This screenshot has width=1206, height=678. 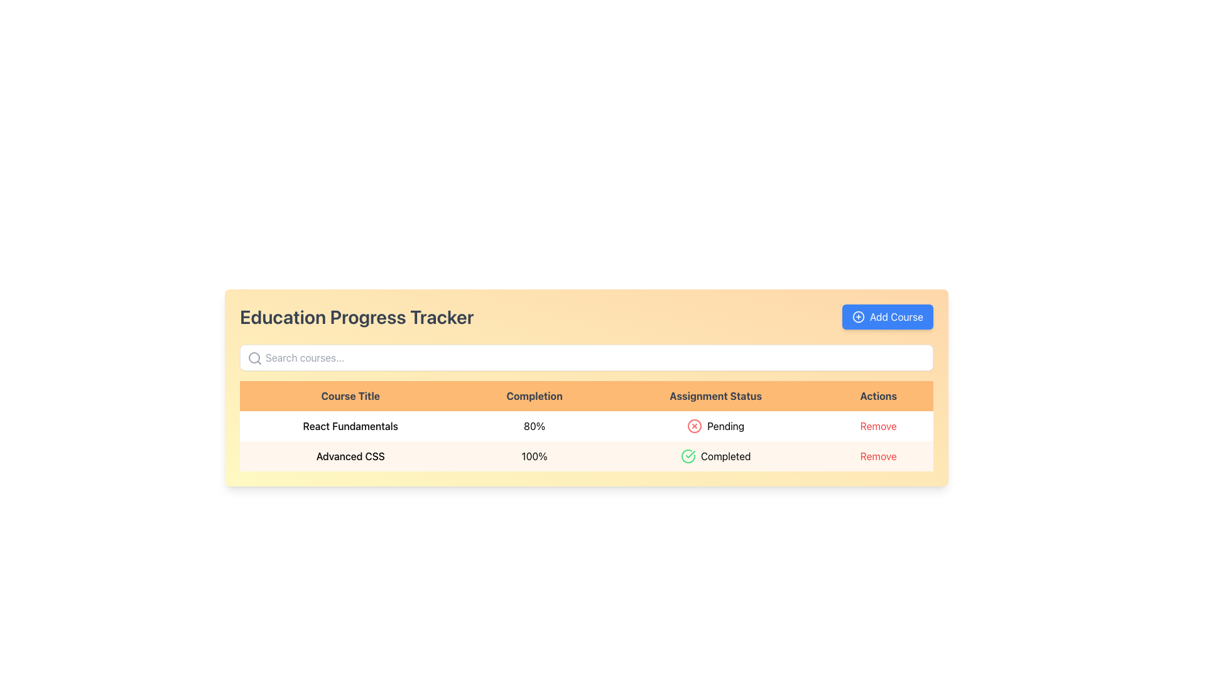 I want to click on the Text Display showing '80%' in the 'Completion' column of the 'React Fundamentals' row in the table, so click(x=535, y=425).